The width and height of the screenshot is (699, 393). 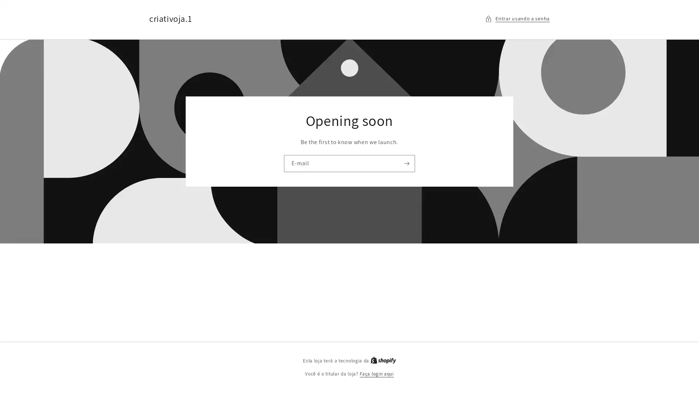 I want to click on Assinar, so click(x=406, y=163).